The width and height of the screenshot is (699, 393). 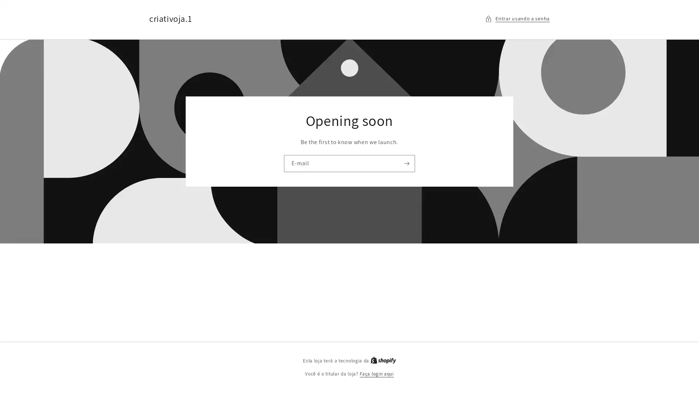 I want to click on Assinar, so click(x=406, y=163).